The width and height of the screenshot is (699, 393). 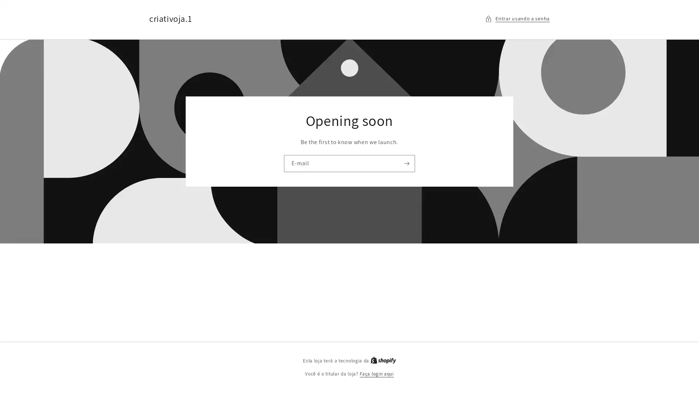 I want to click on Assinar, so click(x=406, y=163).